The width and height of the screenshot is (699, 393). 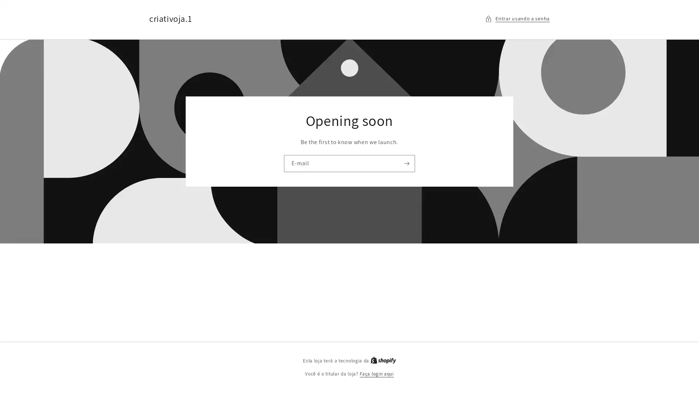 I want to click on Assinar, so click(x=406, y=163).